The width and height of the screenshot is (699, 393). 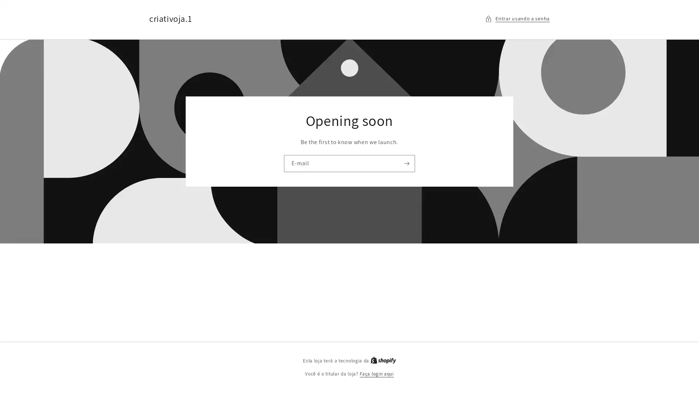 I want to click on Assinar, so click(x=406, y=163).